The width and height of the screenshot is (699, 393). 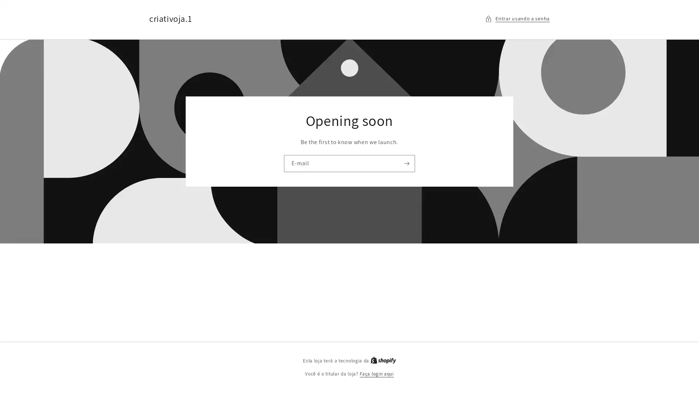 I want to click on Assinar, so click(x=406, y=163).